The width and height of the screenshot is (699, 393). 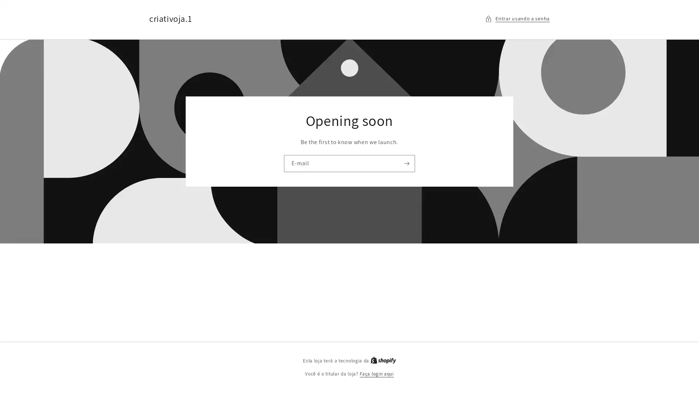 I want to click on Assinar, so click(x=406, y=163).